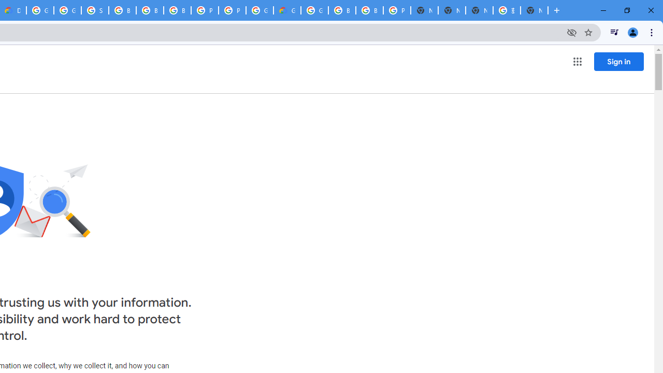 The height and width of the screenshot is (373, 663). Describe the element at coordinates (122, 10) in the screenshot. I see `'Browse Chrome as a guest - Computer - Google Chrome Help'` at that location.